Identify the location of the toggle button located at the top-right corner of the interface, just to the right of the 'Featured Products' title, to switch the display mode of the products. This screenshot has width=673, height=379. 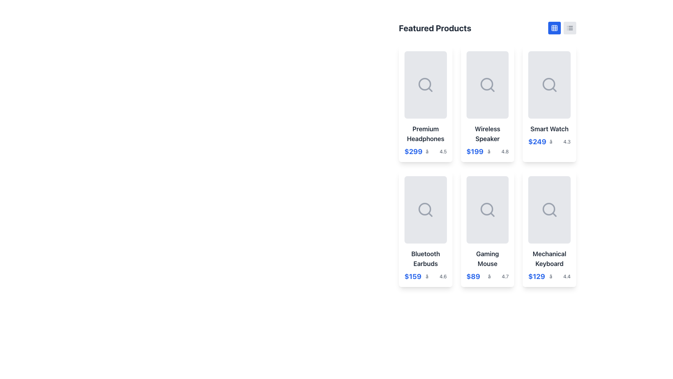
(554, 28).